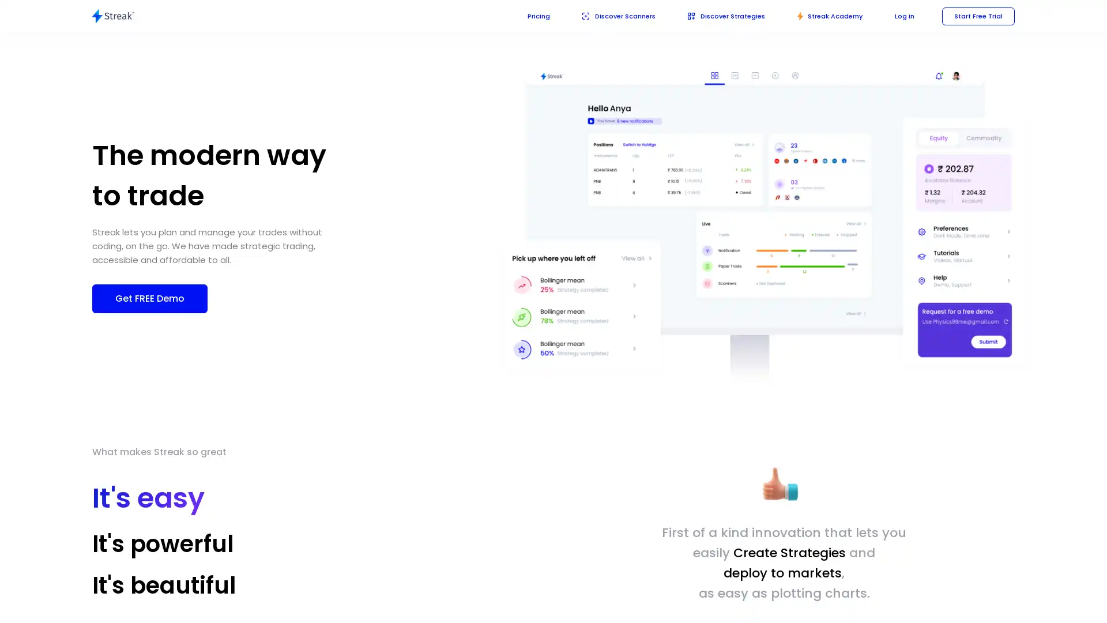  Describe the element at coordinates (824, 16) in the screenshot. I see `academy Streak Academy` at that location.